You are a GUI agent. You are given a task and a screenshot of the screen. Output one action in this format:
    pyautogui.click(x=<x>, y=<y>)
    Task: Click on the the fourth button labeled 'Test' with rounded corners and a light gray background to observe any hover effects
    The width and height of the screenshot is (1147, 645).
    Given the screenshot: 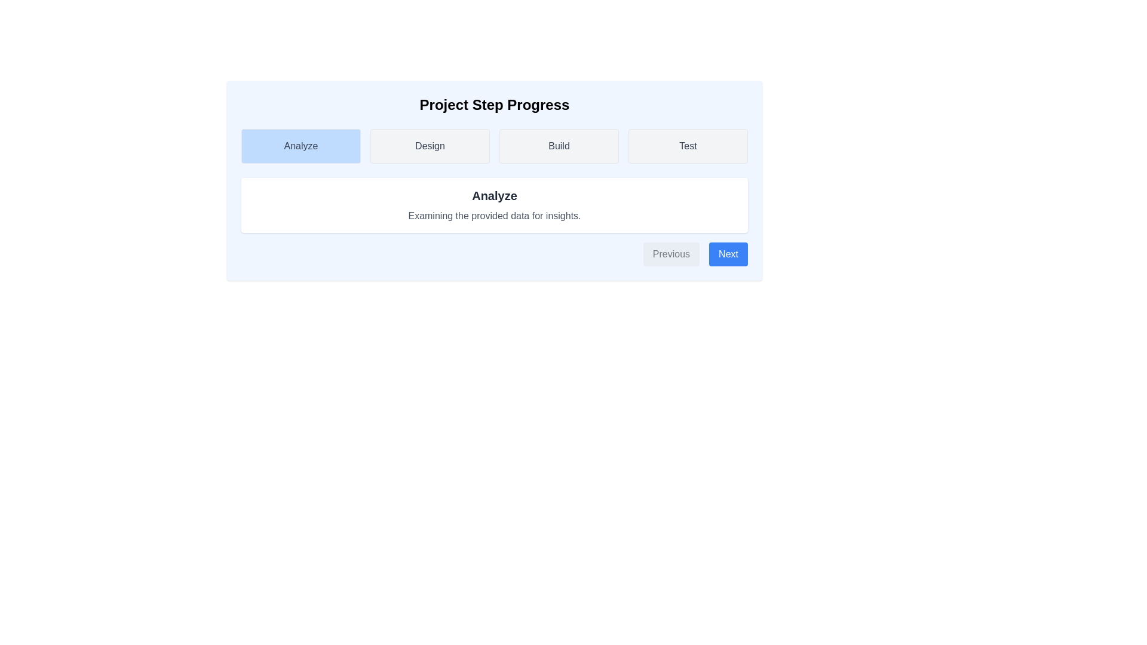 What is the action you would take?
    pyautogui.click(x=688, y=146)
    